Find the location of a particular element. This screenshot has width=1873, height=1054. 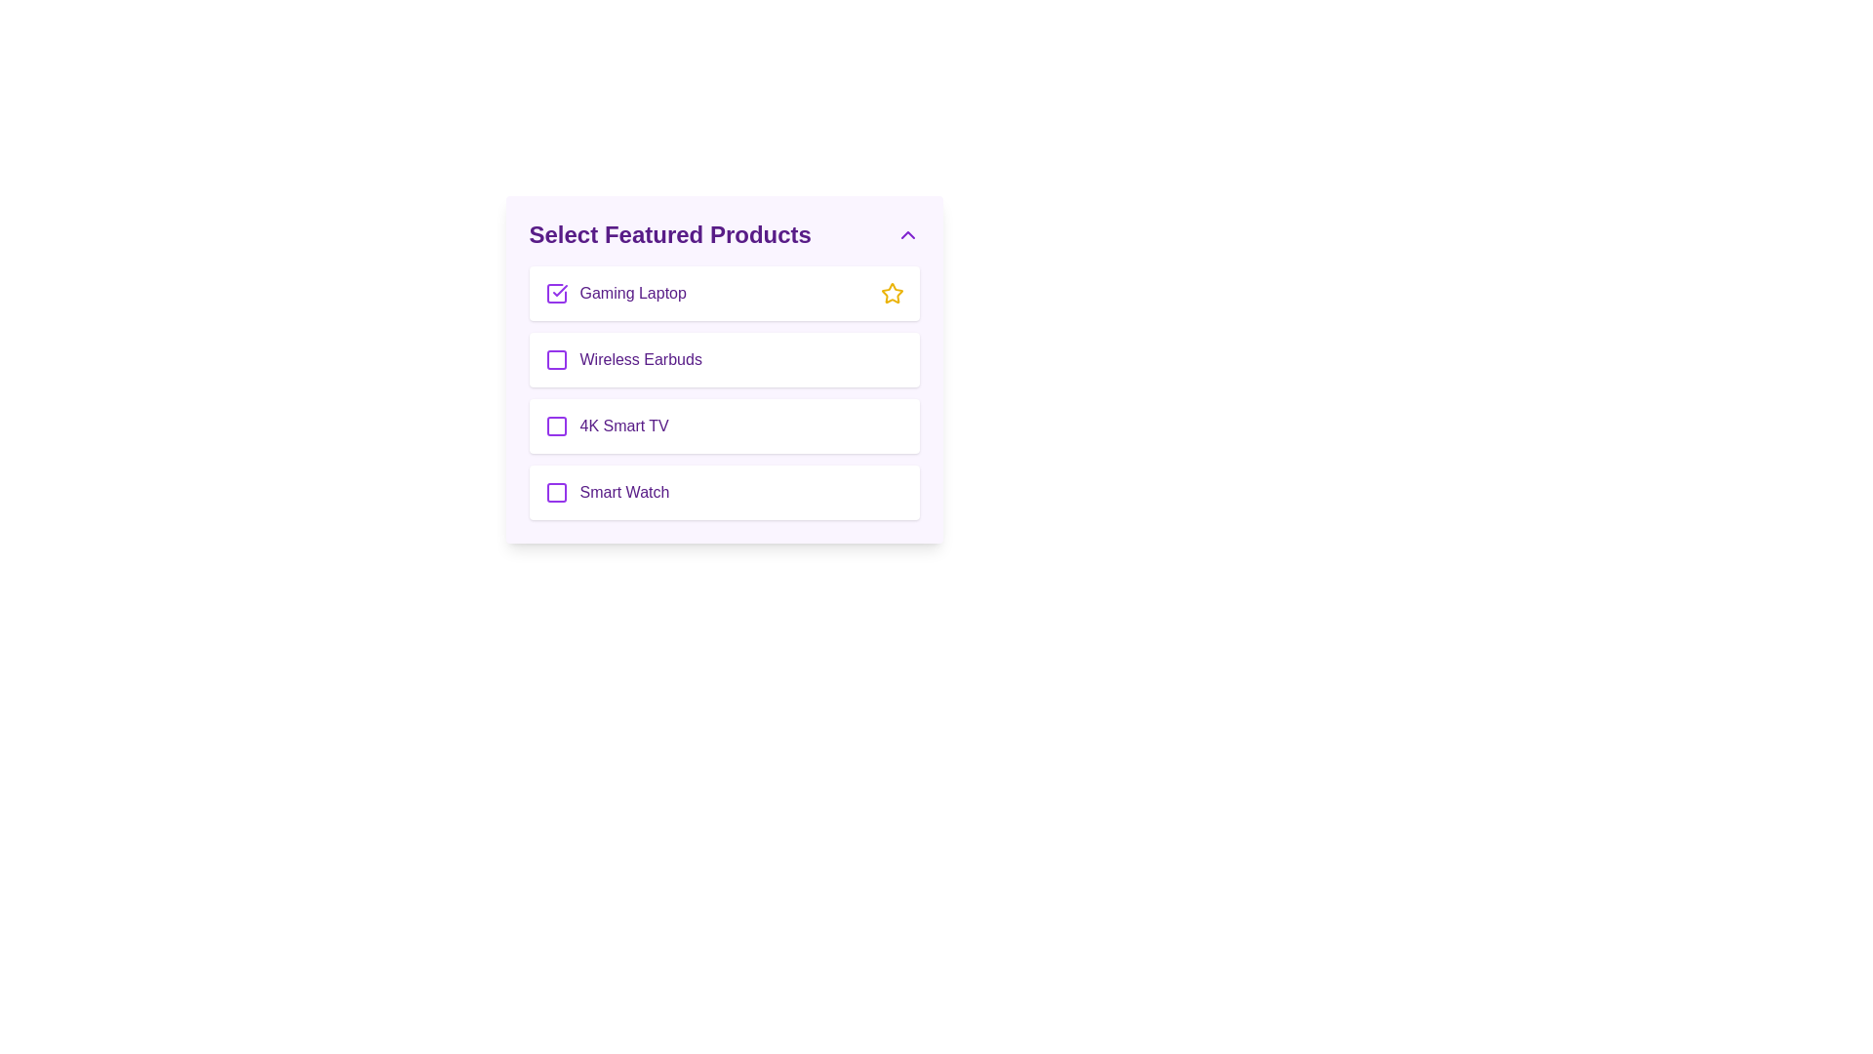

the checkbox for '4K Smart TV' is located at coordinates (555, 425).